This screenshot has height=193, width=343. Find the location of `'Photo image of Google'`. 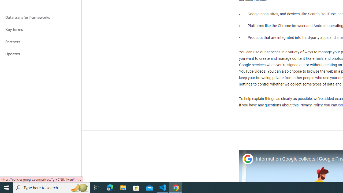

'Photo image of Google' is located at coordinates (247, 159).